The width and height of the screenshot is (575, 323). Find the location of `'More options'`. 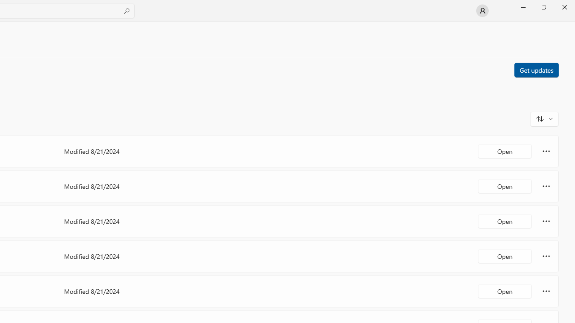

'More options' is located at coordinates (546, 291).